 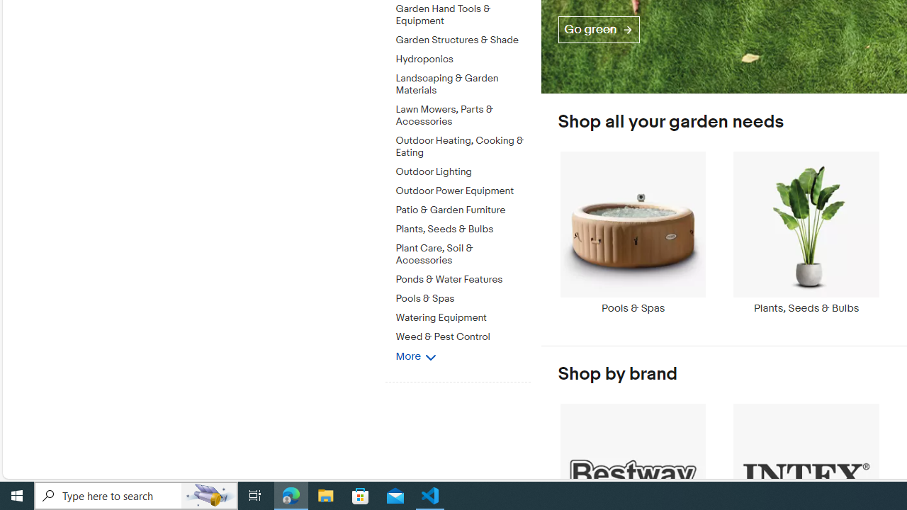 I want to click on 'Outdoor Heating, Cooking & Eating', so click(x=463, y=147).